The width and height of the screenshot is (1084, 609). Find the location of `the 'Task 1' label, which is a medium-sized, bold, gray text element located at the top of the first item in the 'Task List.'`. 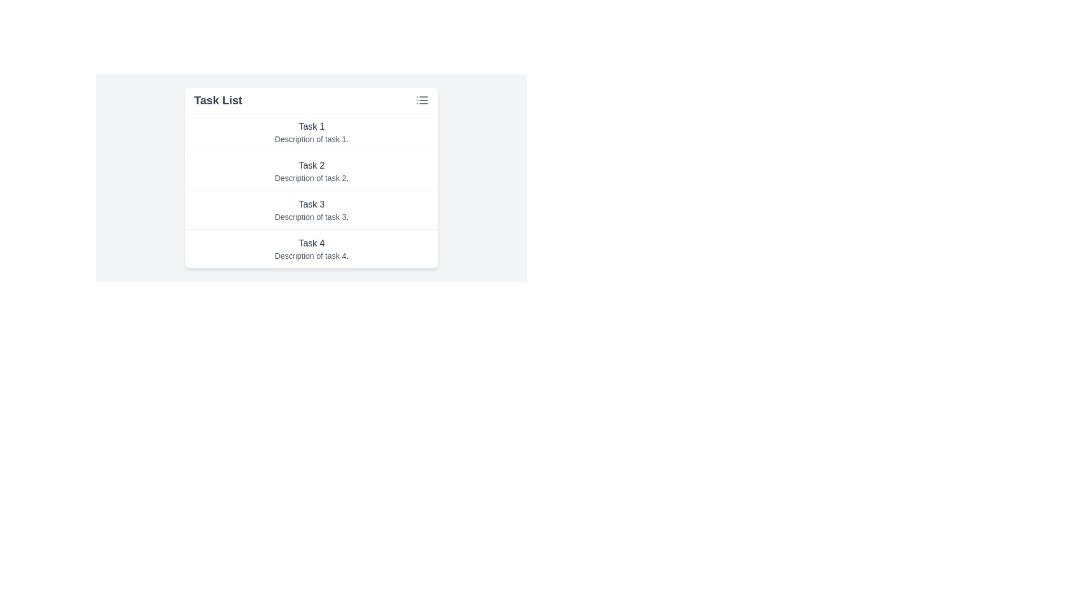

the 'Task 1' label, which is a medium-sized, bold, gray text element located at the top of the first item in the 'Task List.' is located at coordinates (312, 126).